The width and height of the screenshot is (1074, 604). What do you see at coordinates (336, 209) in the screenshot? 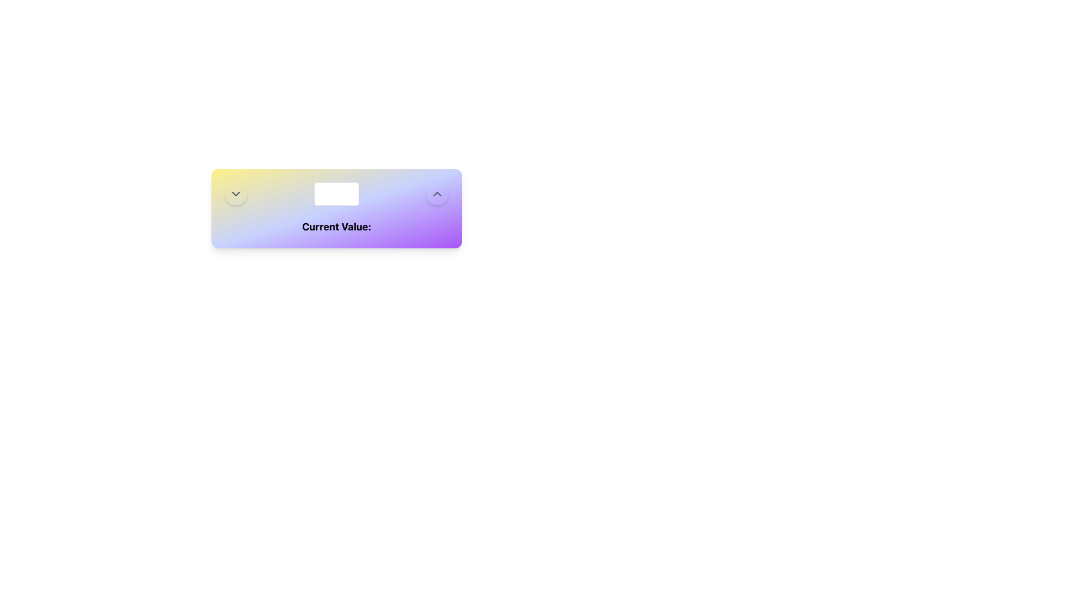
I see `the composite UI element containing the heading 'Current Value:', number input field, and interactive arrow buttons for incrementing and decrementing values` at bounding box center [336, 209].